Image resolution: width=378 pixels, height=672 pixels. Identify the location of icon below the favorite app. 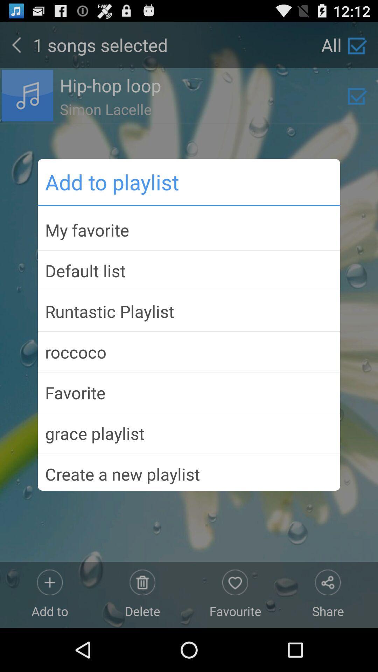
(189, 433).